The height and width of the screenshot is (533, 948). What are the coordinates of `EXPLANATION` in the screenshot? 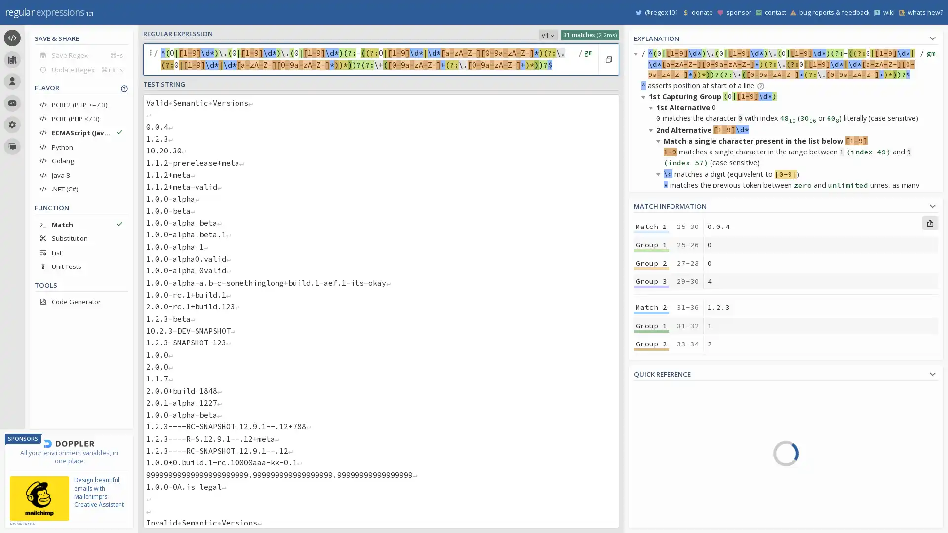 It's located at (786, 37).